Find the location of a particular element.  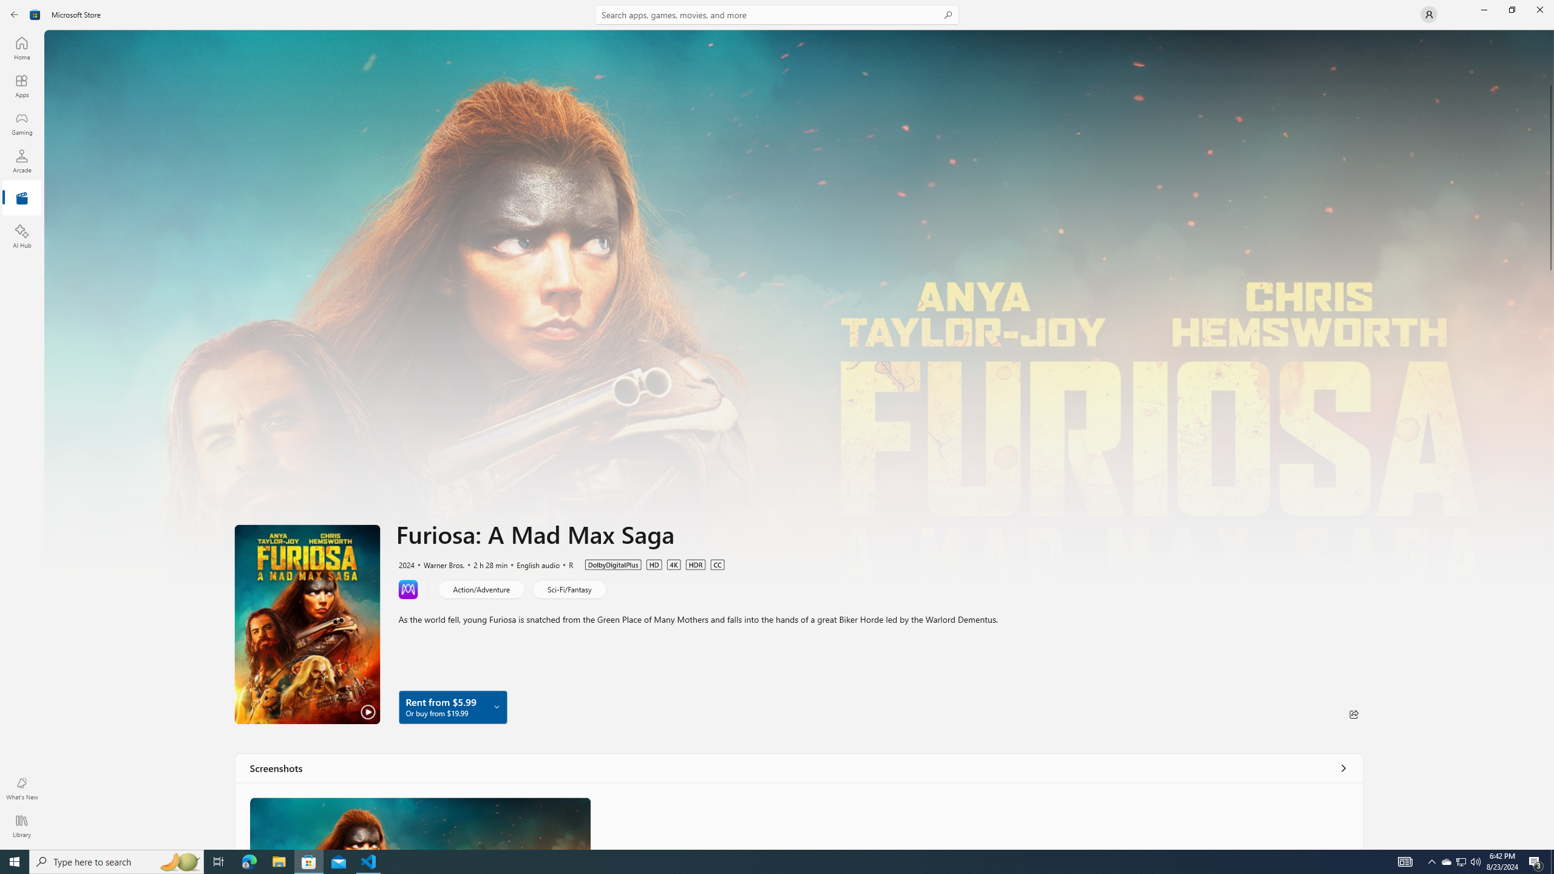

'Vertical Small Decrease' is located at coordinates (1549, 33).